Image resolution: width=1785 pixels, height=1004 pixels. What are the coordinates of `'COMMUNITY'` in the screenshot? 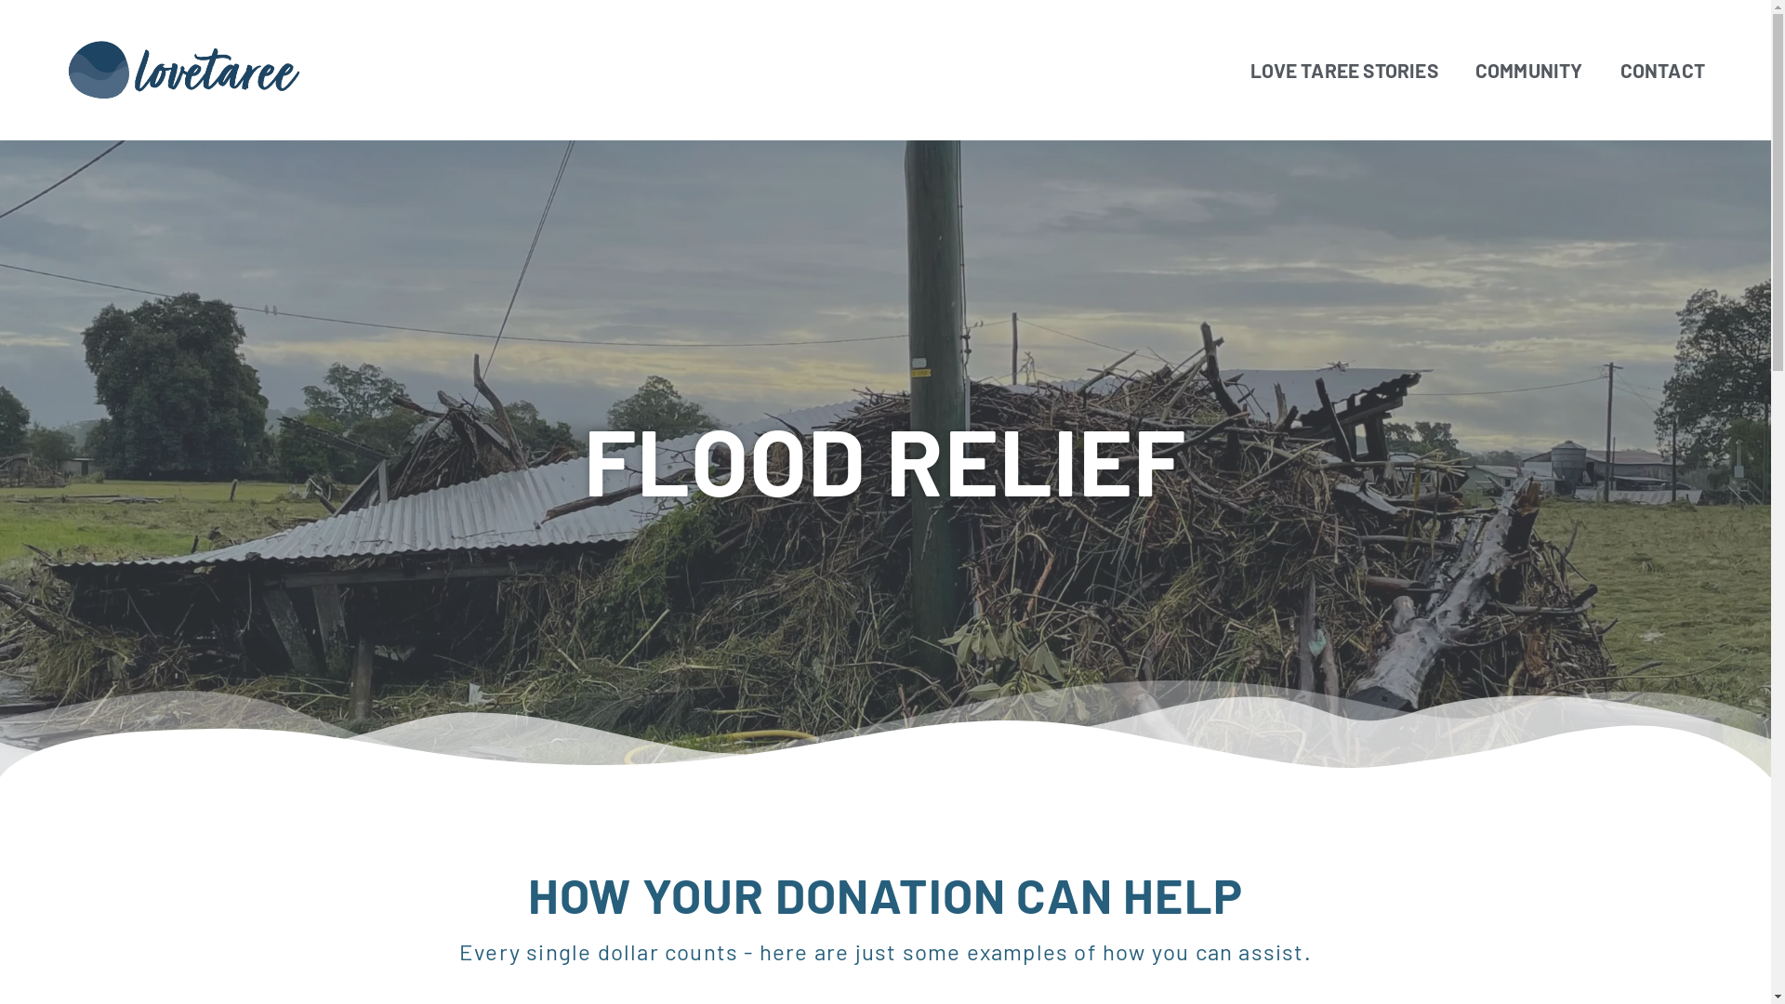 It's located at (1529, 70).